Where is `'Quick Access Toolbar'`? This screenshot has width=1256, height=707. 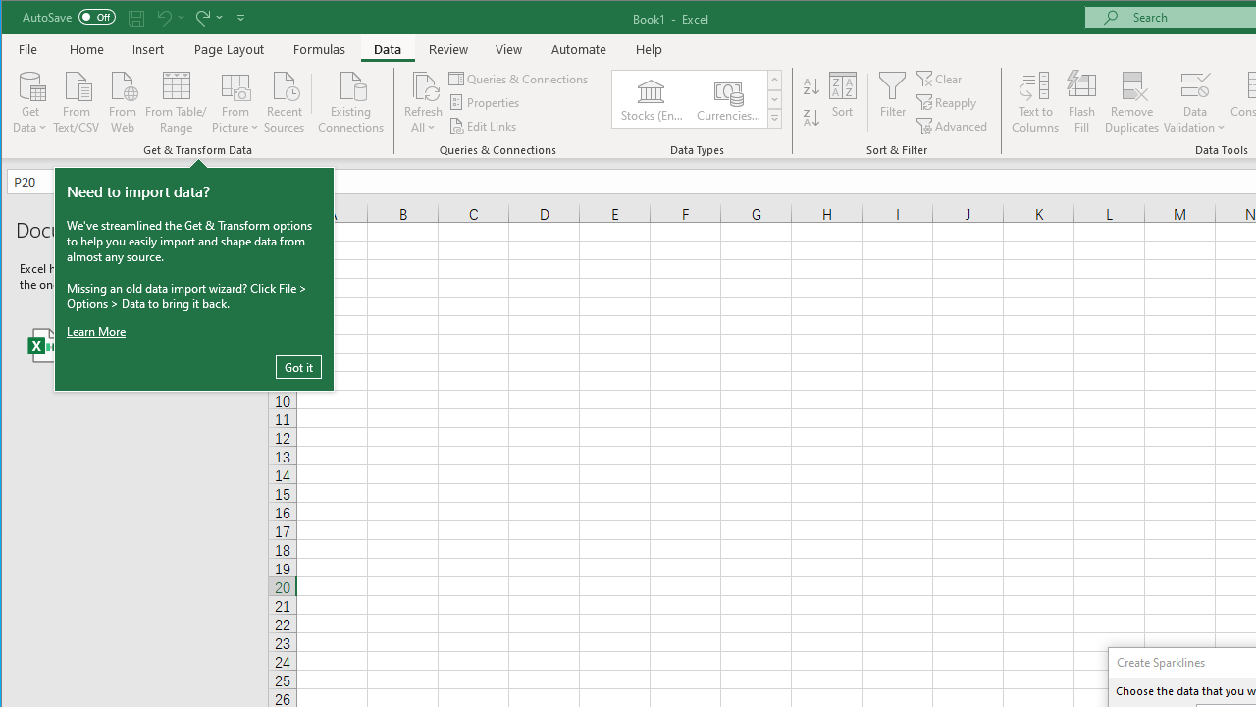
'Quick Access Toolbar' is located at coordinates (134, 18).